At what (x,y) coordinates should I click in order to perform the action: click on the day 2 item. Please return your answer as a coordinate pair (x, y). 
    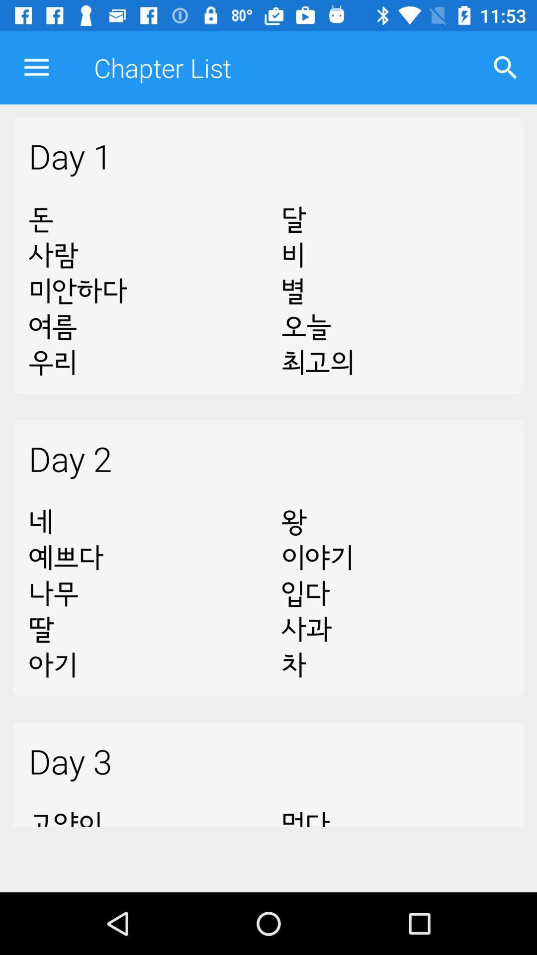
    Looking at the image, I should click on (268, 458).